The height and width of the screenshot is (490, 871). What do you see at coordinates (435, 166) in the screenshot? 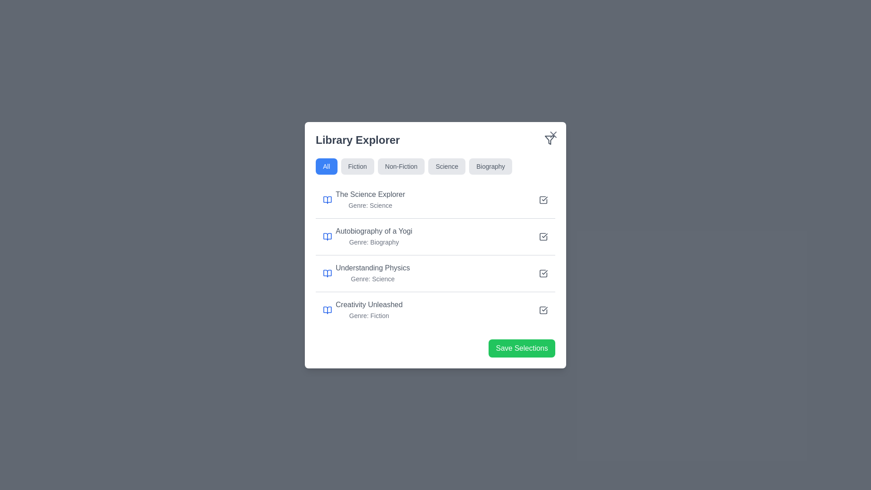
I see `the tab in the horizontal tab bar labeled with the respective genre` at bounding box center [435, 166].